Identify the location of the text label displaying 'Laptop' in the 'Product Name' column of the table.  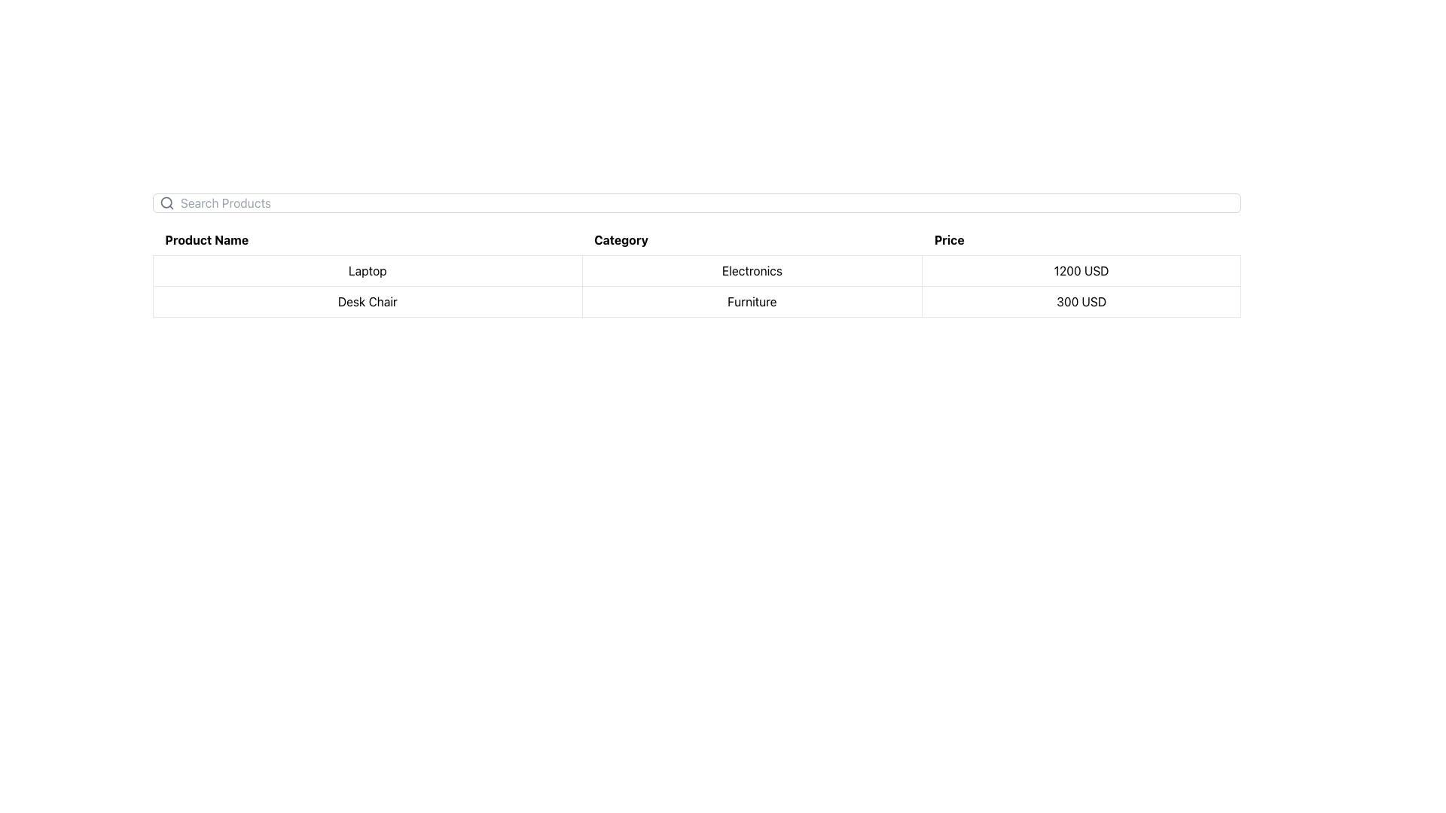
(368, 269).